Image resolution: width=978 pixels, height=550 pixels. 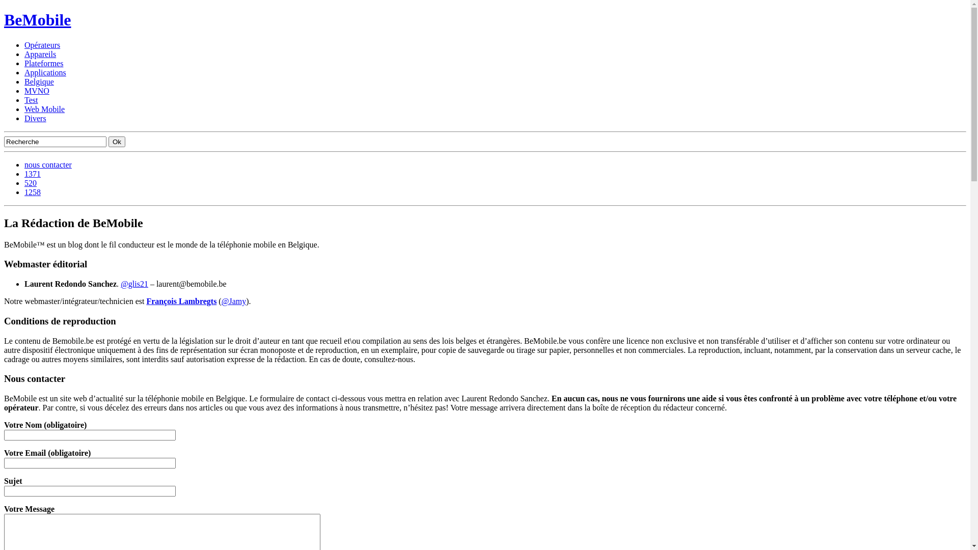 I want to click on 'Web Mobile', so click(x=44, y=109).